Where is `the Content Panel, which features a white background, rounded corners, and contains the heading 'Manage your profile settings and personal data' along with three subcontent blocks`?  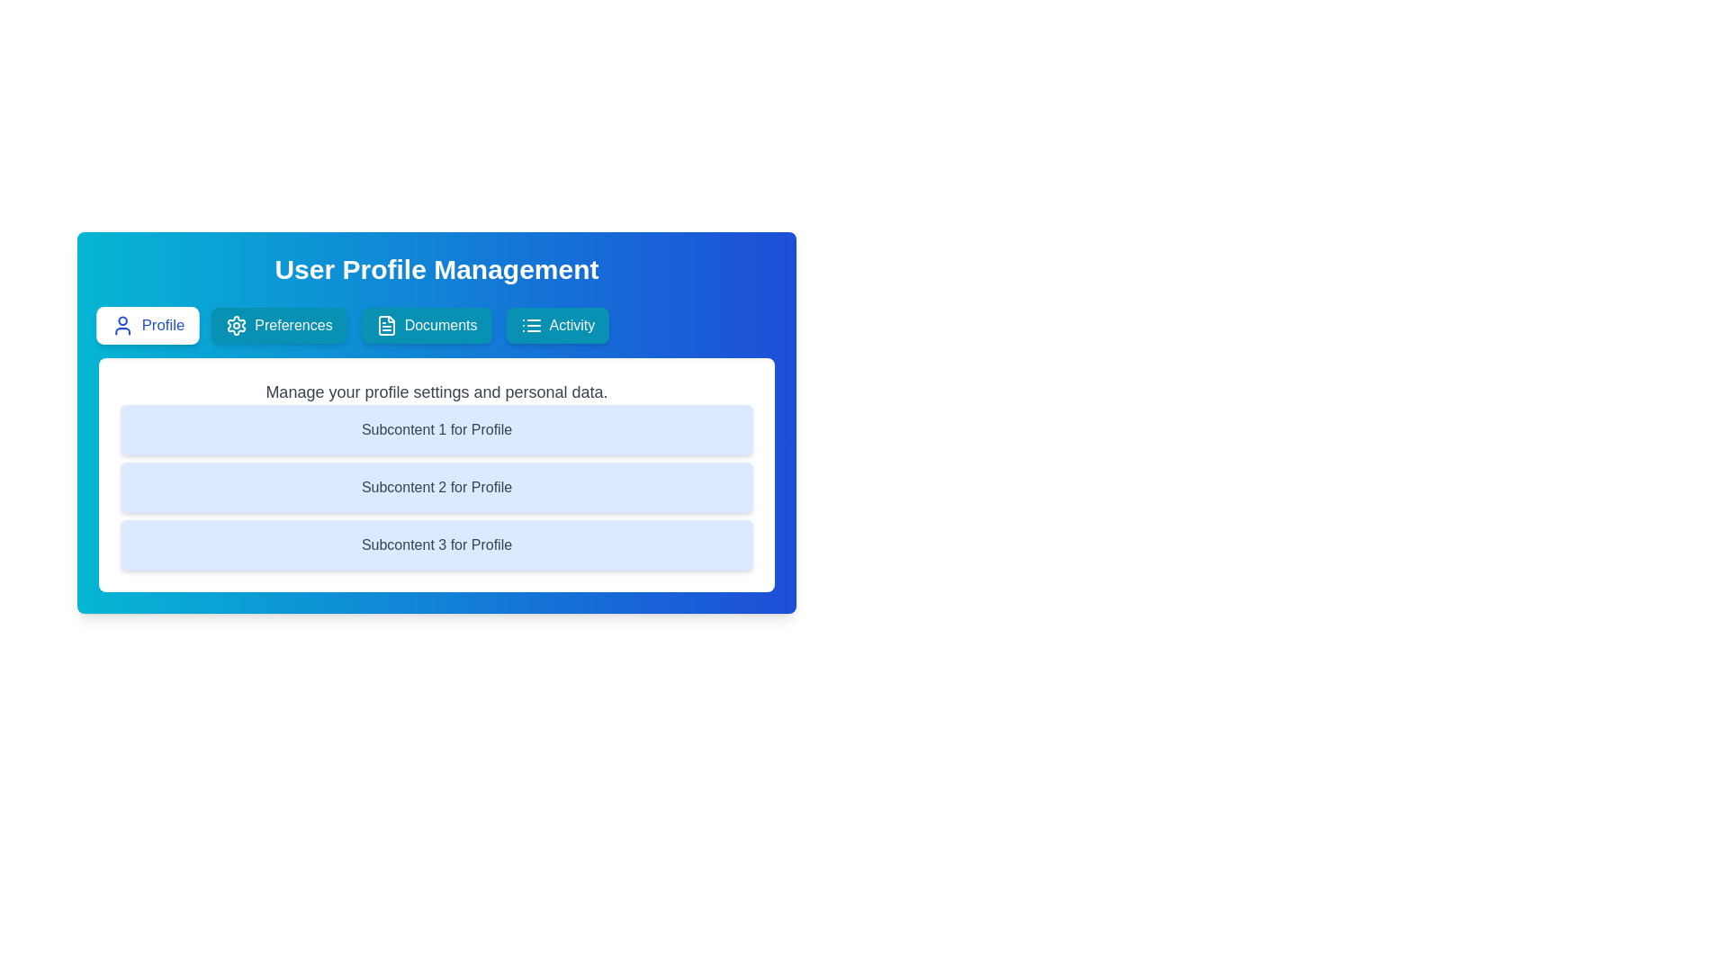 the Content Panel, which features a white background, rounded corners, and contains the heading 'Manage your profile settings and personal data' along with three subcontent blocks is located at coordinates (436, 474).